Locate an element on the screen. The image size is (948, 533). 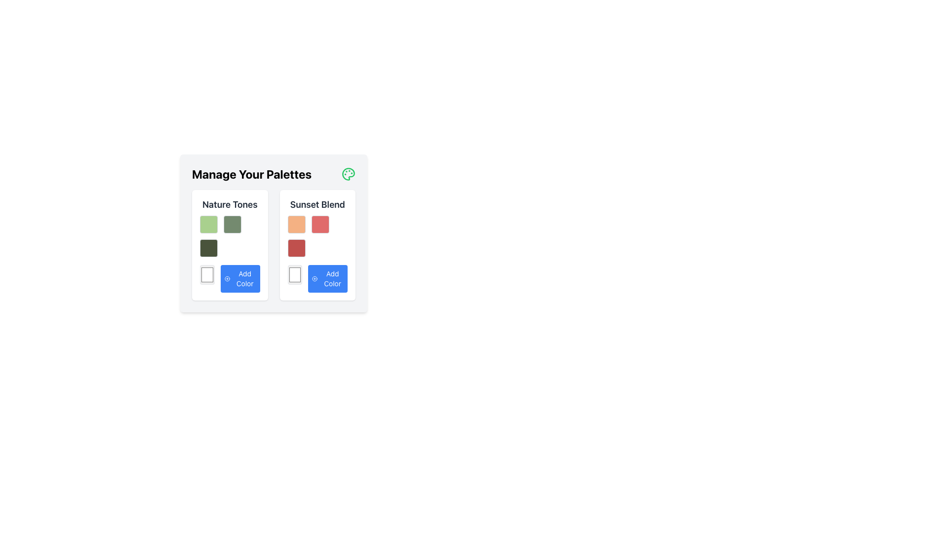
the title text indicating the palette management interface is located at coordinates (252, 174).